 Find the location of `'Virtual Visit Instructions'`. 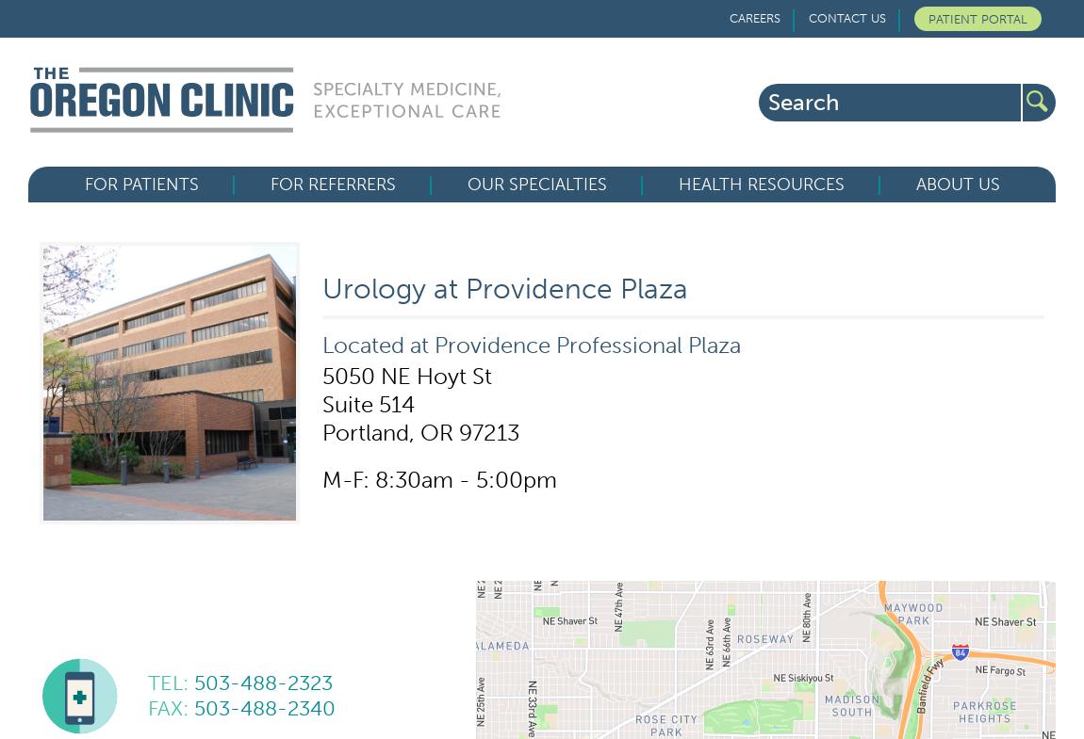

'Virtual Visit Instructions' is located at coordinates (83, 338).